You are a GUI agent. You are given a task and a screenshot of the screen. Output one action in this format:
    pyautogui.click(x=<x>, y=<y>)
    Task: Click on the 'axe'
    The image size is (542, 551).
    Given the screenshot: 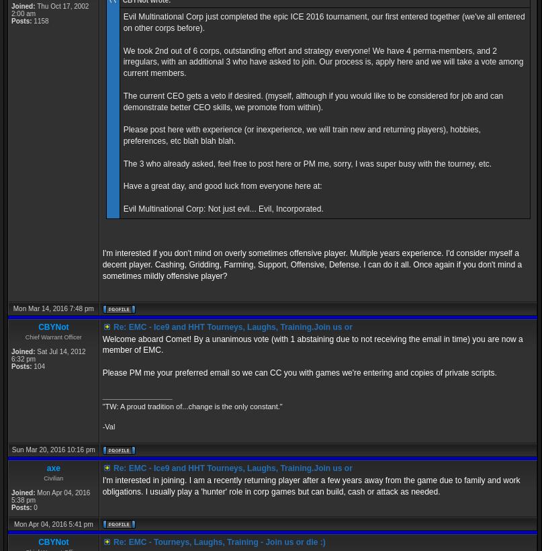 What is the action you would take?
    pyautogui.click(x=53, y=468)
    